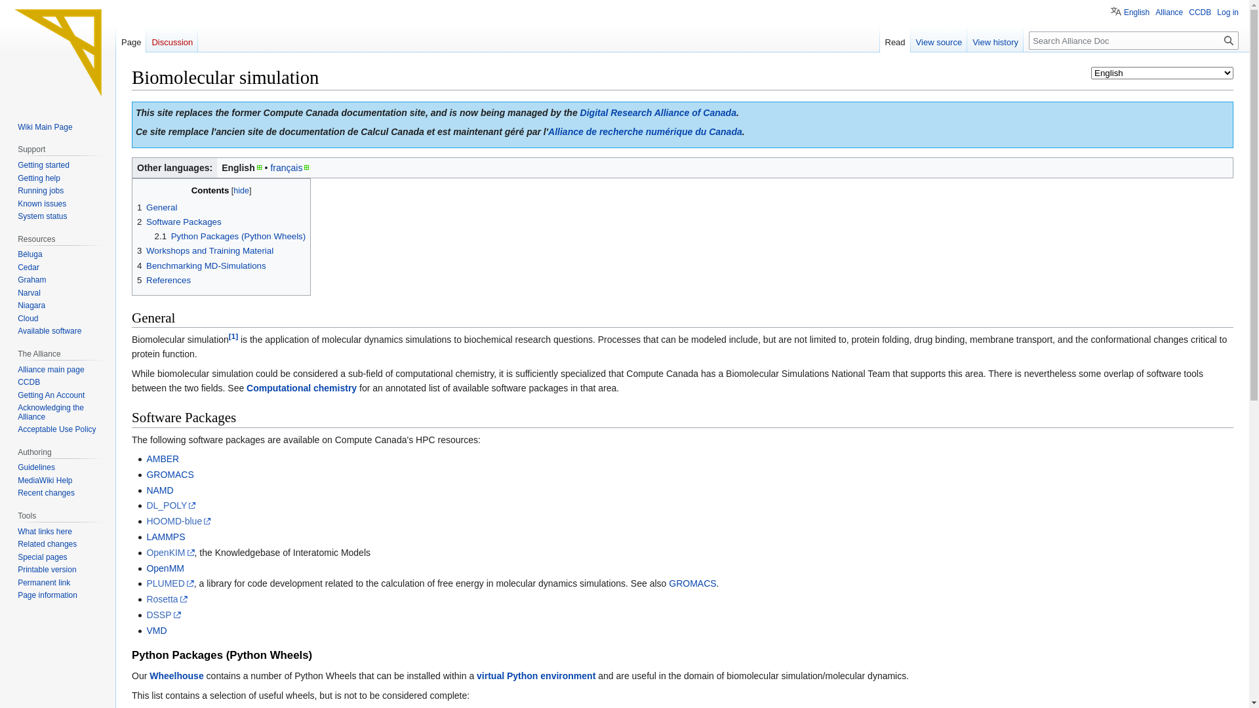 This screenshot has width=1259, height=708. What do you see at coordinates (146, 520) in the screenshot?
I see `'HOOMD-blue'` at bounding box center [146, 520].